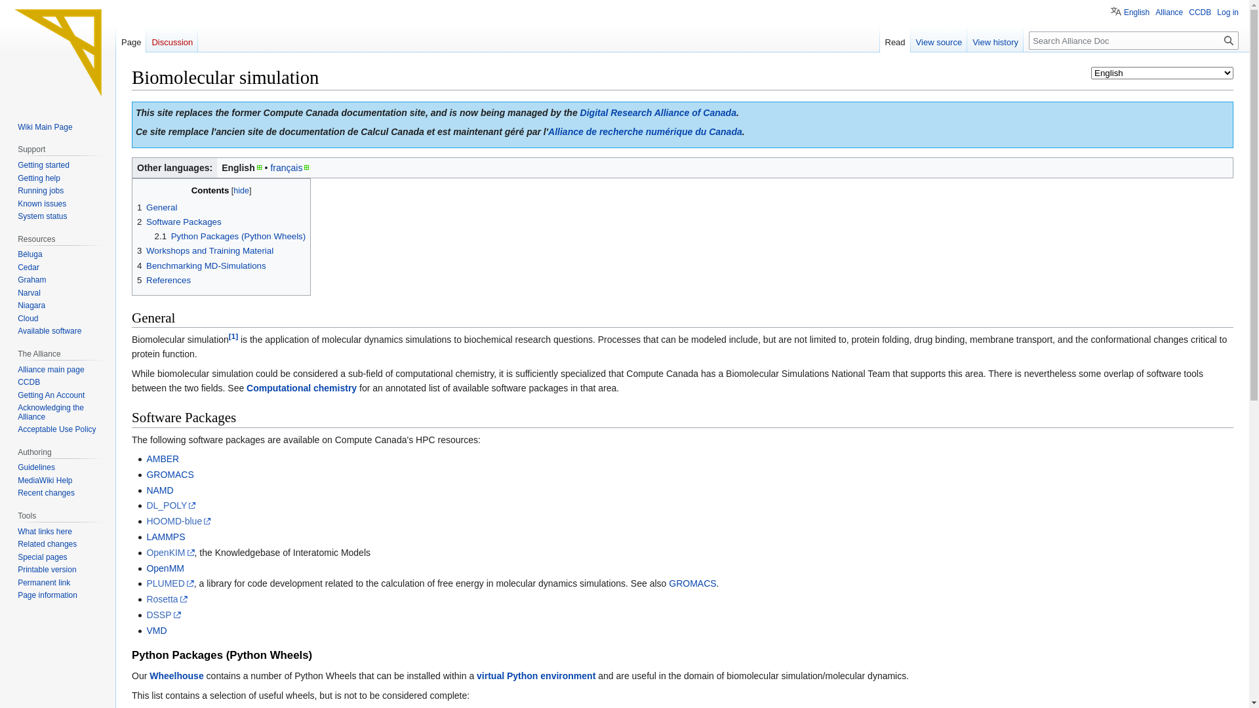 This screenshot has width=1259, height=708. What do you see at coordinates (146, 520) in the screenshot?
I see `'HOOMD-blue'` at bounding box center [146, 520].